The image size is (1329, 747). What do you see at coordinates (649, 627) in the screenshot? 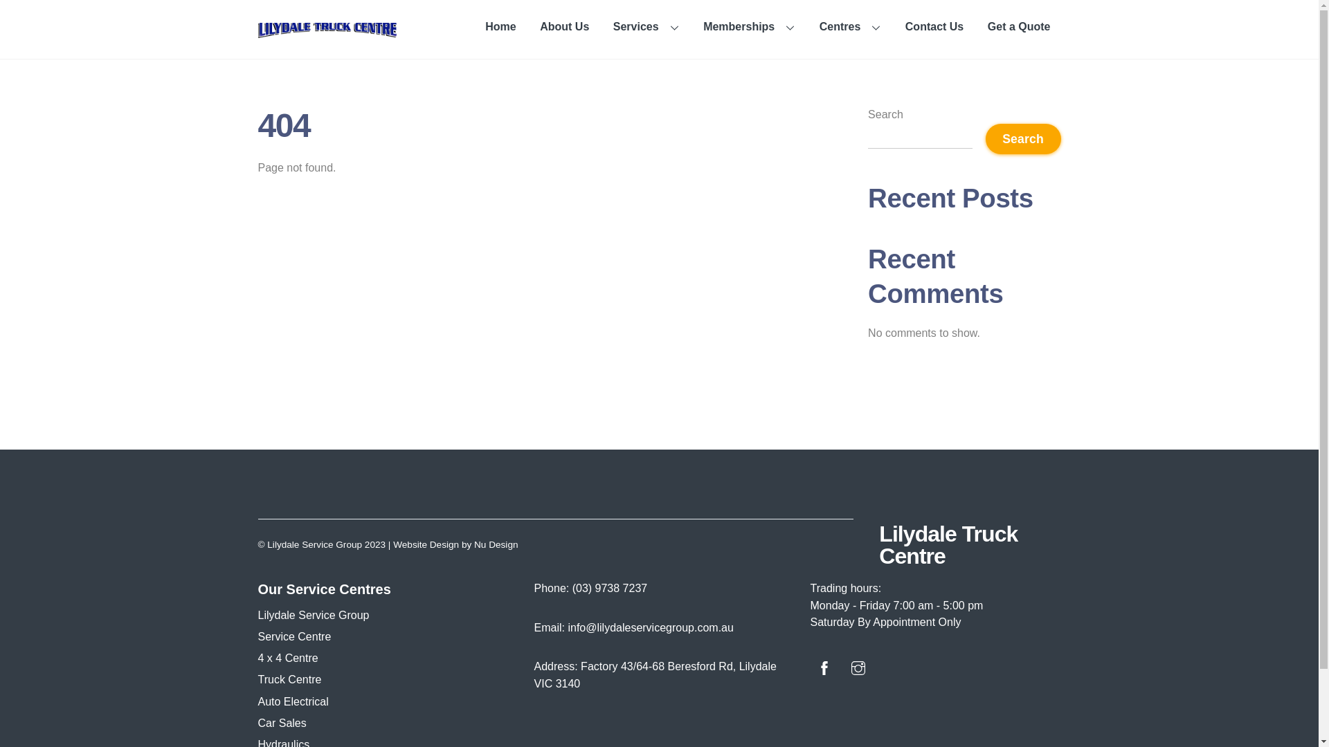
I see `'info@lilydaleservicegroup.com.au'` at bounding box center [649, 627].